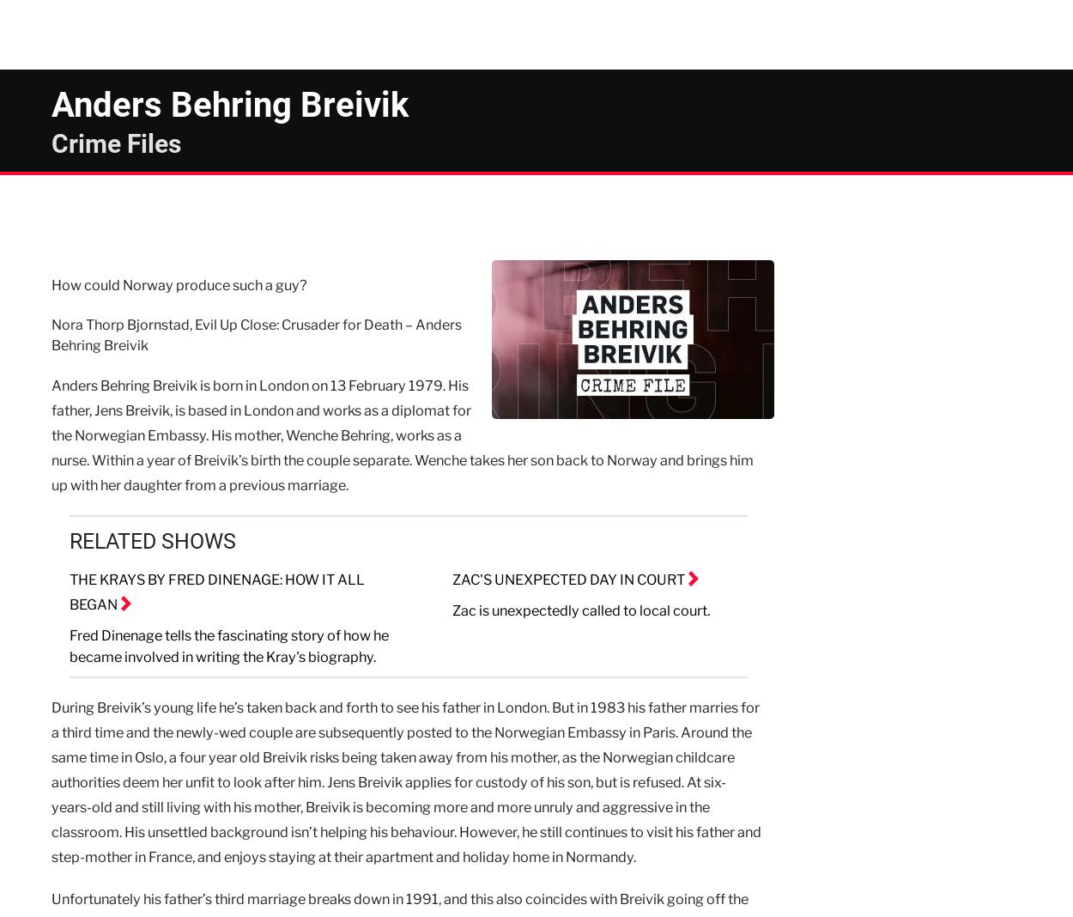 The width and height of the screenshot is (1073, 917). Describe the element at coordinates (878, 105) in the screenshot. I see `'What is El Chapo's net worth?'` at that location.